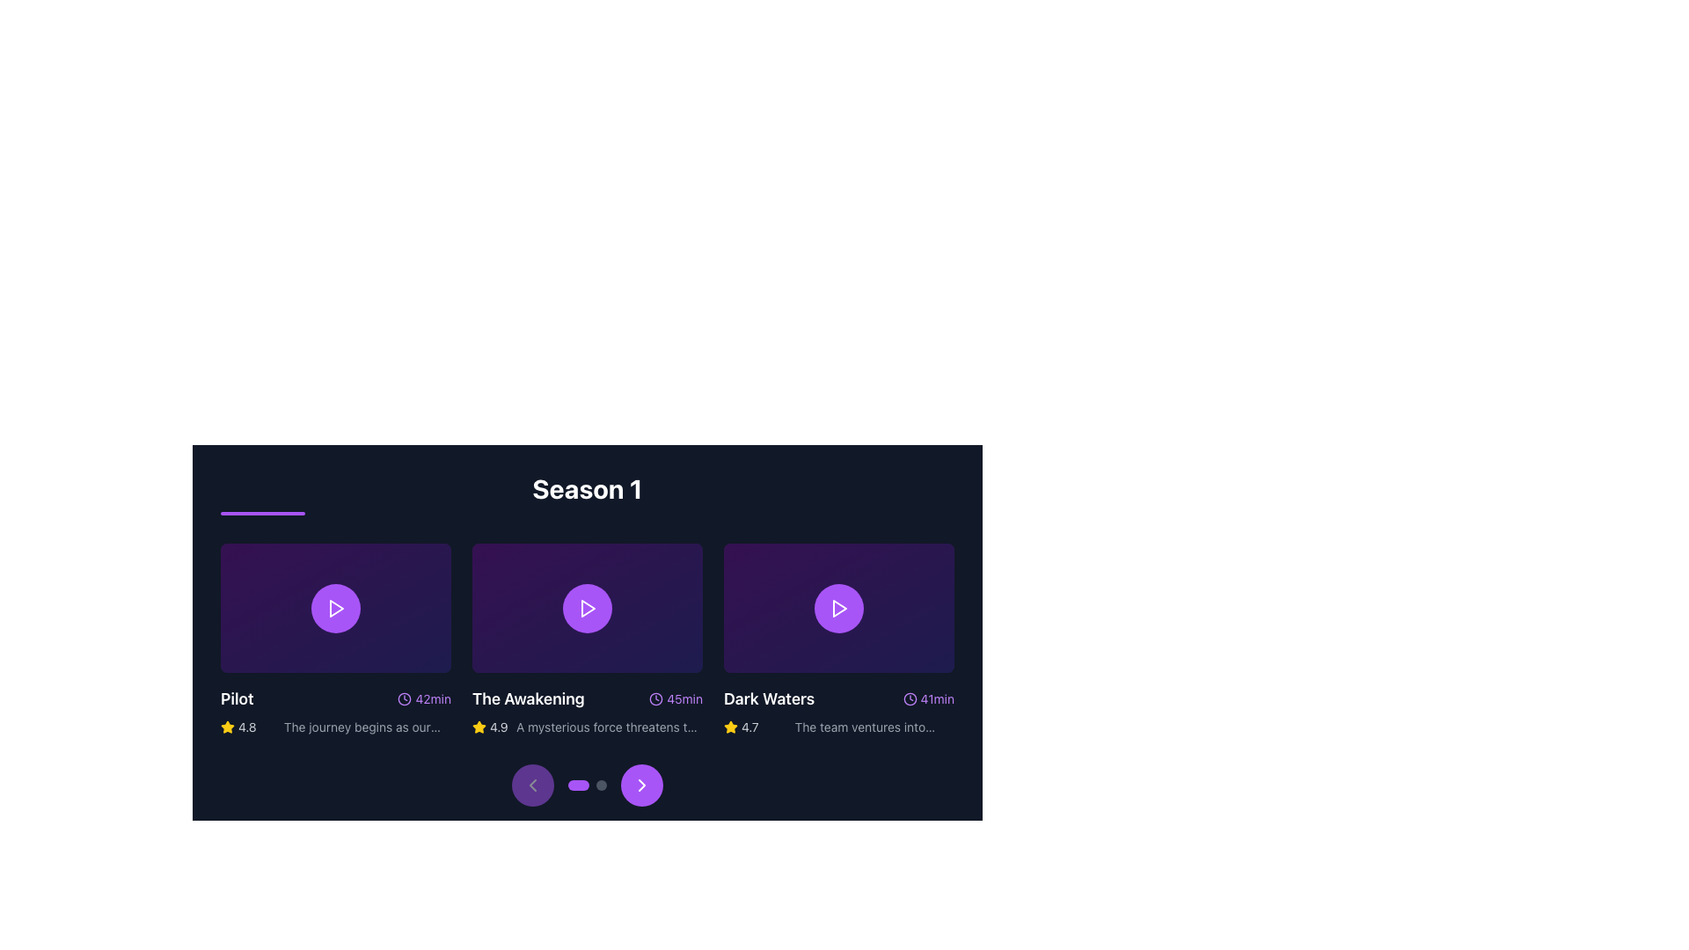 Image resolution: width=1689 pixels, height=950 pixels. I want to click on the decorative purple underline positioned beneath the 'Season 1' title, which features rounded edges and spans horizontally, so click(261, 513).